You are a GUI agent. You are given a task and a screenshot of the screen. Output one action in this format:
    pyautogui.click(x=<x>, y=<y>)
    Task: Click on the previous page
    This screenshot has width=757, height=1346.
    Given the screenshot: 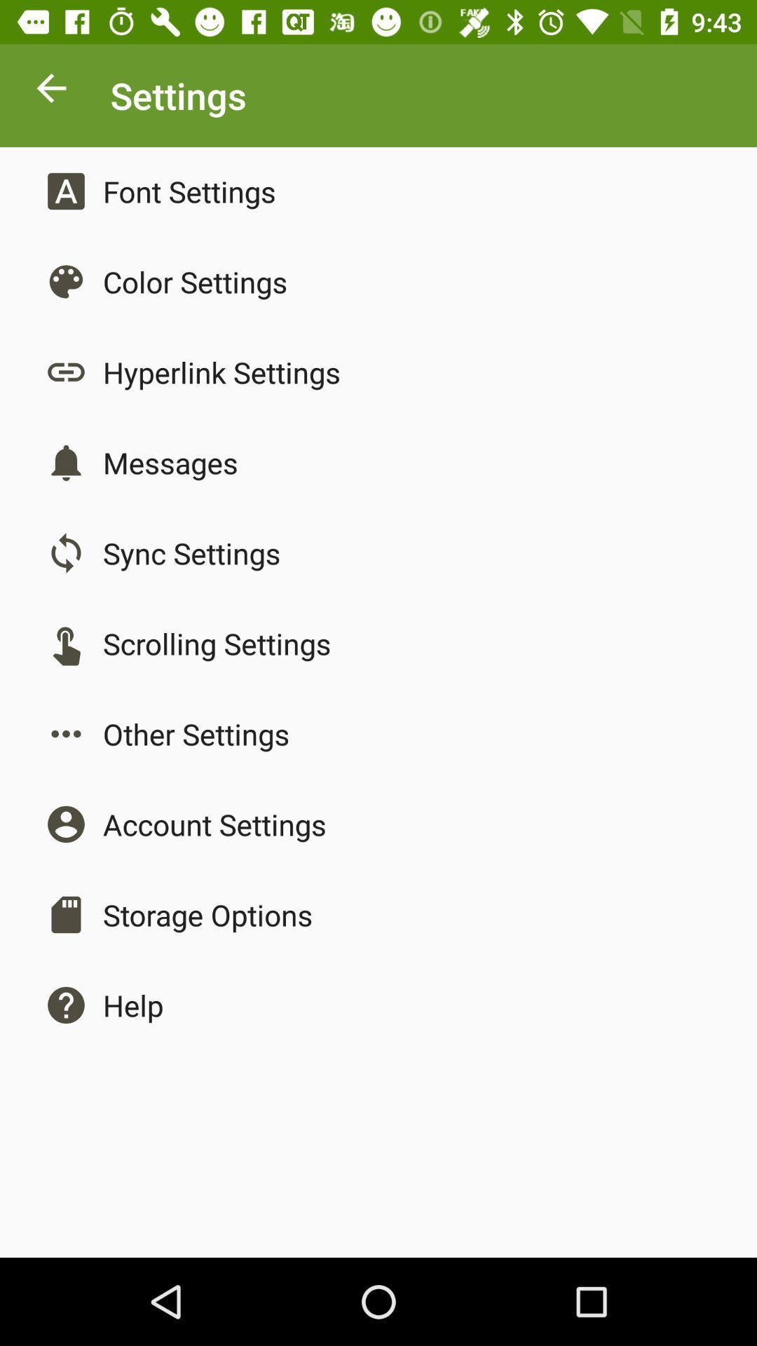 What is the action you would take?
    pyautogui.click(x=50, y=91)
    